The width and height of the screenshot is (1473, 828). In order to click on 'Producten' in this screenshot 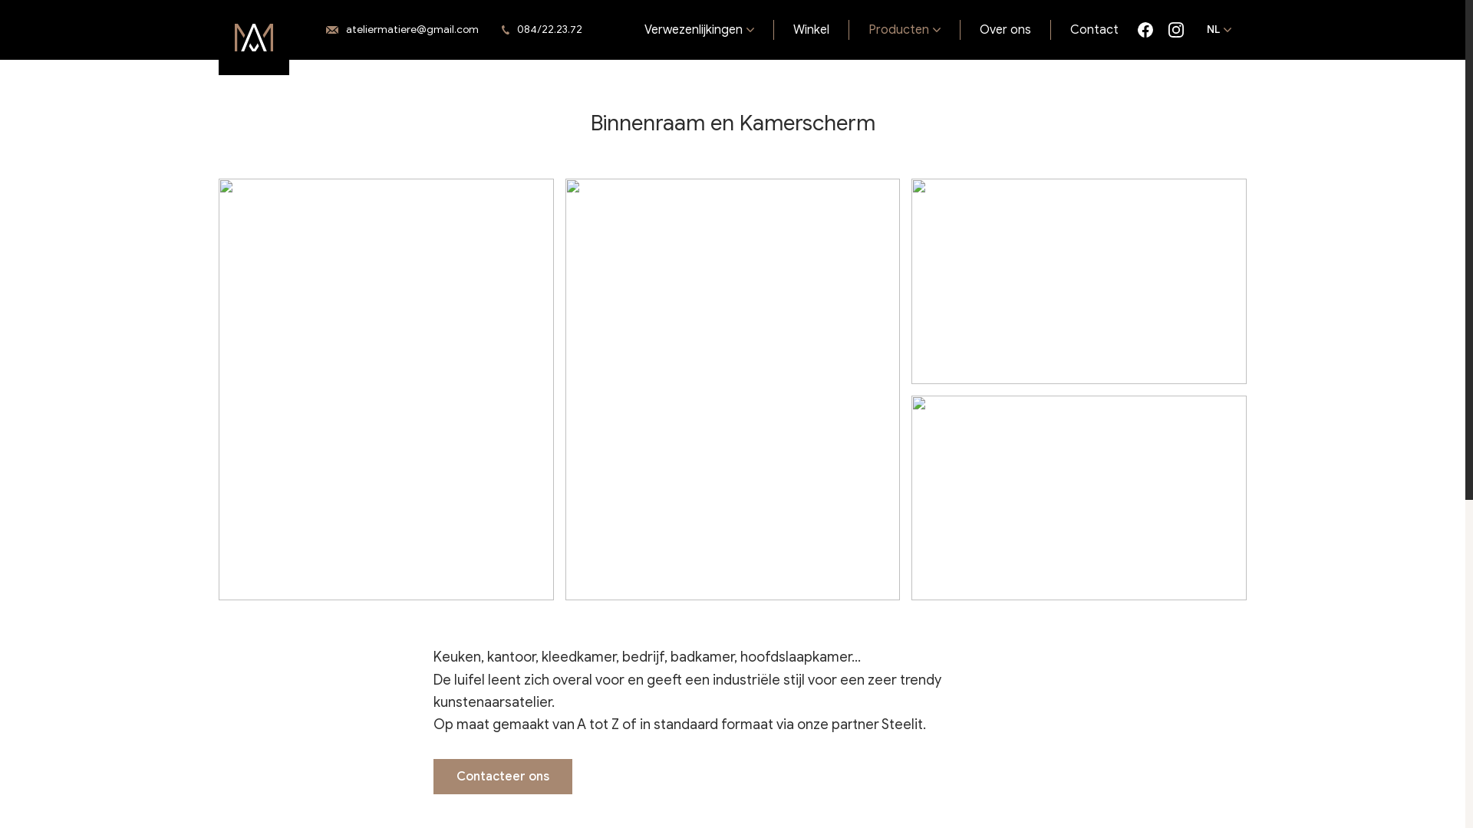, I will do `click(905, 29)`.